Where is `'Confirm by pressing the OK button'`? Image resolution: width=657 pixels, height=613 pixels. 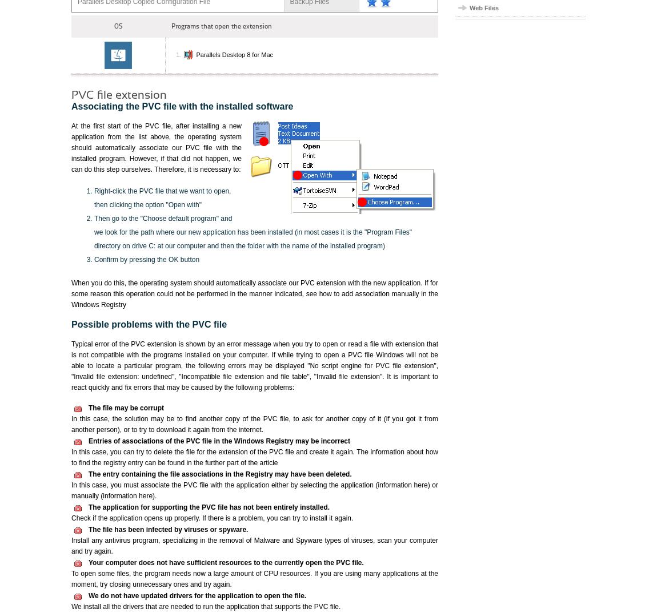 'Confirm by pressing the OK button' is located at coordinates (146, 259).